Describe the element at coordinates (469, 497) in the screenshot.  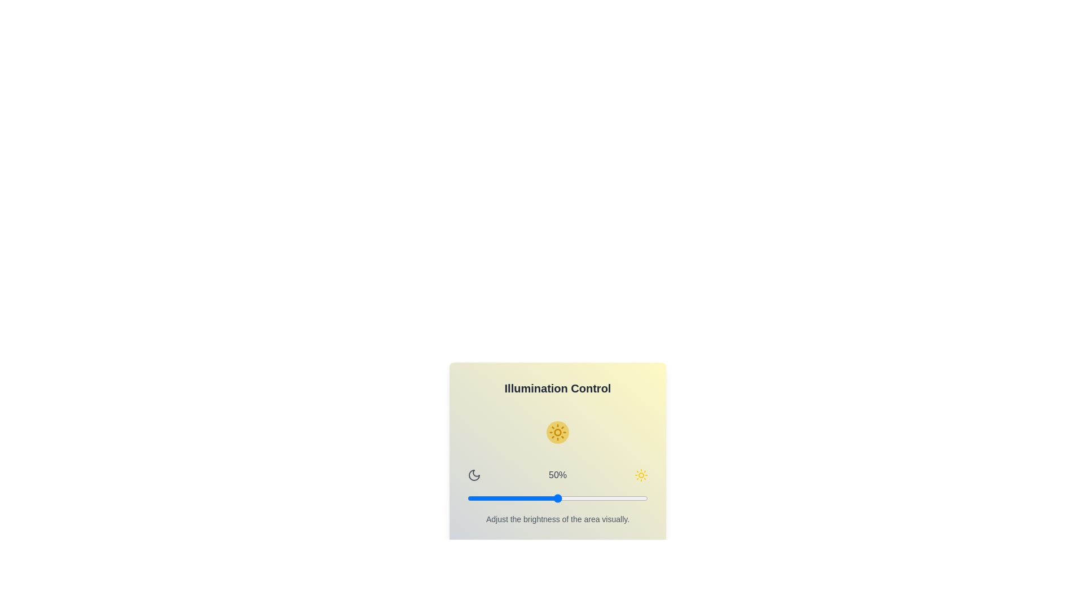
I see `the brightness slider to 1%` at that location.